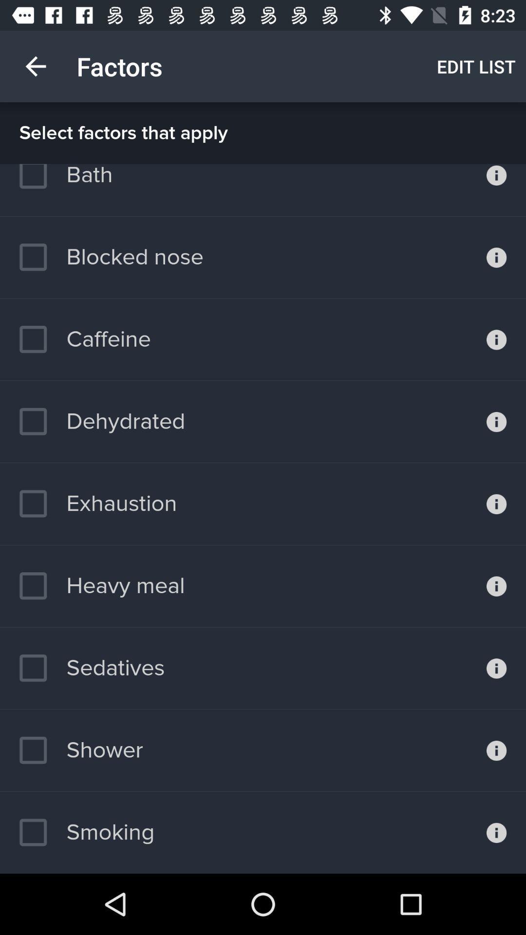  Describe the element at coordinates (496, 585) in the screenshot. I see `more information` at that location.